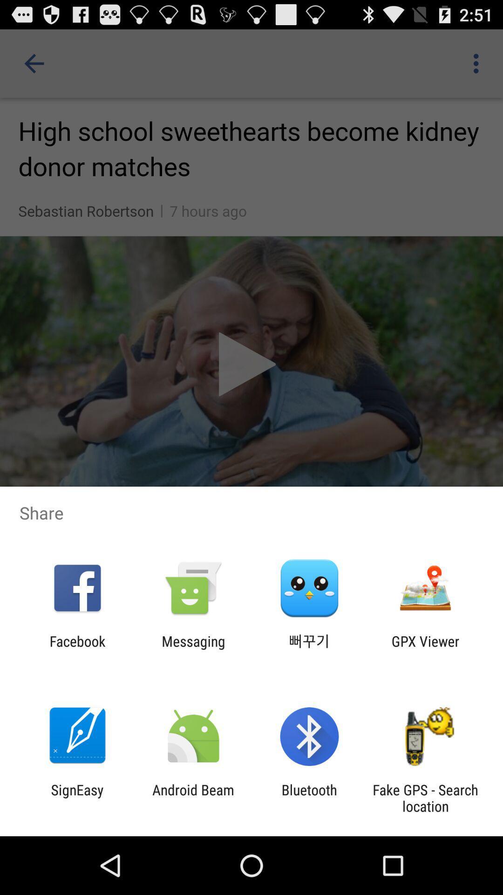 Image resolution: width=503 pixels, height=895 pixels. Describe the element at coordinates (309, 649) in the screenshot. I see `the icon to the left of the gpx viewer icon` at that location.